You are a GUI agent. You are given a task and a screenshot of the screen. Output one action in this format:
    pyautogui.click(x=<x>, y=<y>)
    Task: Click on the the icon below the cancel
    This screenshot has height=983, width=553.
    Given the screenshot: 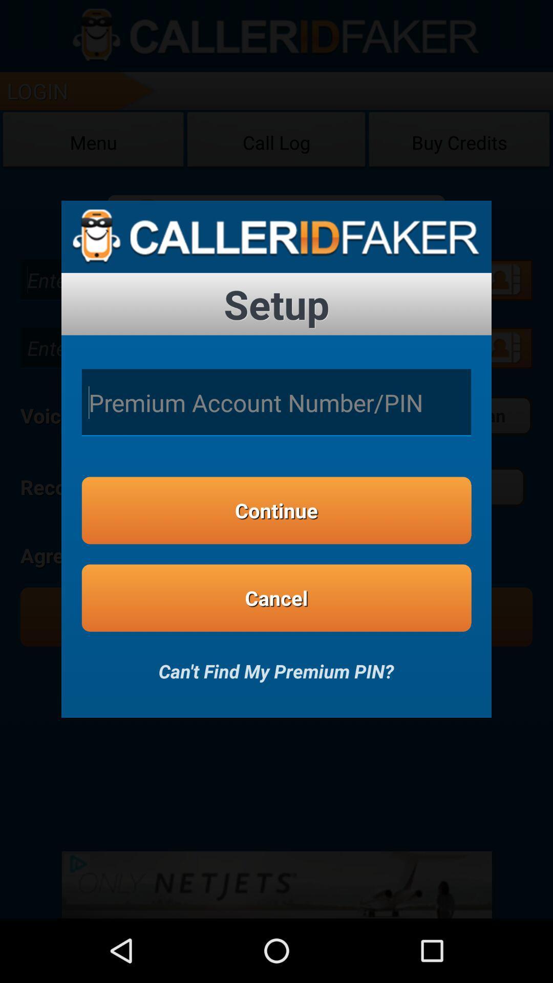 What is the action you would take?
    pyautogui.click(x=275, y=664)
    